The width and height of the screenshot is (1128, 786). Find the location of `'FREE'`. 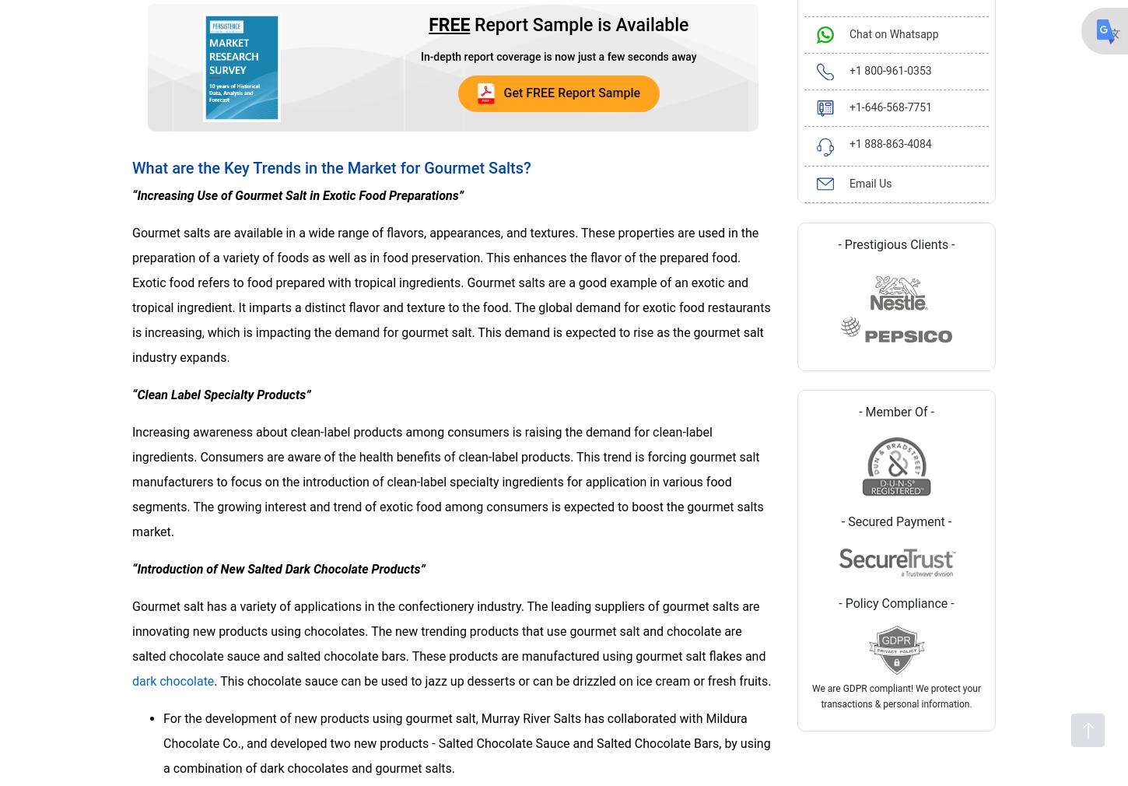

'FREE' is located at coordinates (449, 23).